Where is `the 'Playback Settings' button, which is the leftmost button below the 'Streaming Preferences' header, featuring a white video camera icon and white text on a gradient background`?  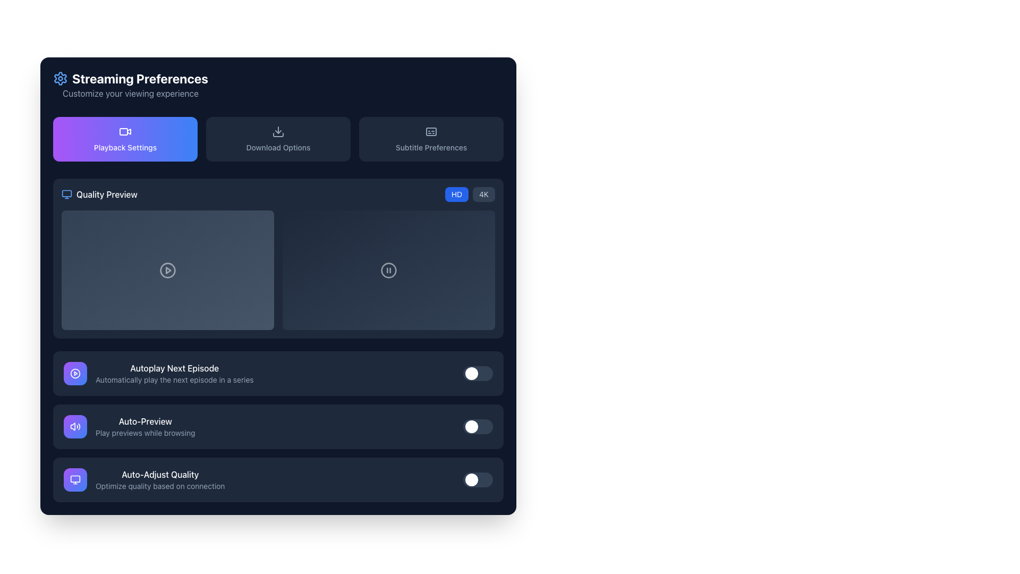 the 'Playback Settings' button, which is the leftmost button below the 'Streaming Preferences' header, featuring a white video camera icon and white text on a gradient background is located at coordinates (125, 139).